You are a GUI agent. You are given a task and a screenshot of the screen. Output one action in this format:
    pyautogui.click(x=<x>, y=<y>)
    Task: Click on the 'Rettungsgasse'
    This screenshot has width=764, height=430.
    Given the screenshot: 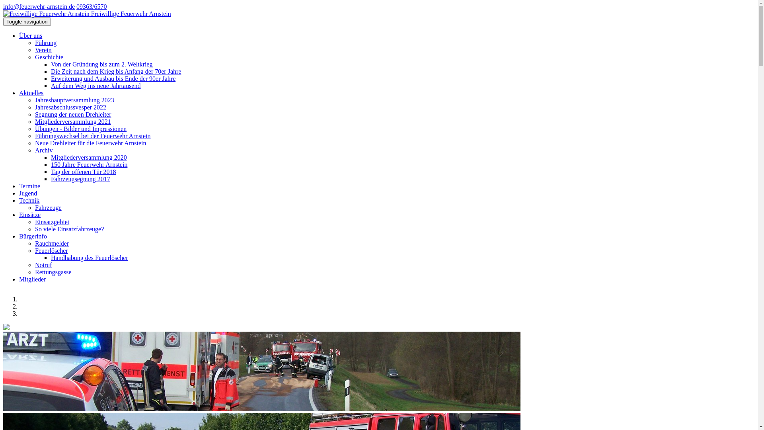 What is the action you would take?
    pyautogui.click(x=53, y=272)
    